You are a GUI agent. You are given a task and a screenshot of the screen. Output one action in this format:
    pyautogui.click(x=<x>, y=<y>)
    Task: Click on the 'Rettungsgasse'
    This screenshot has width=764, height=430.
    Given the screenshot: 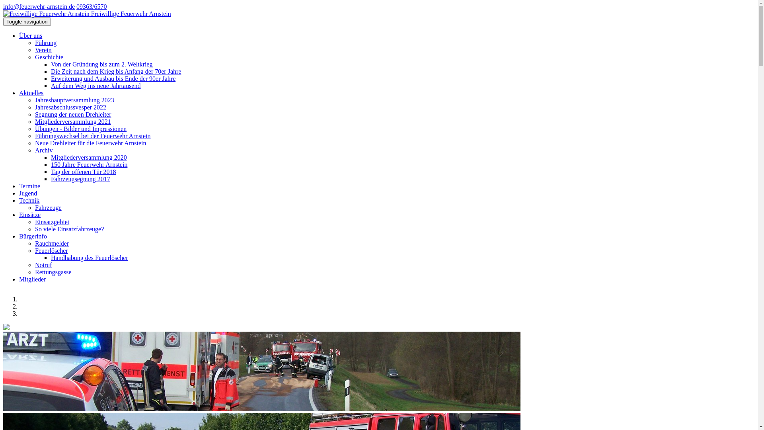 What is the action you would take?
    pyautogui.click(x=53, y=272)
    